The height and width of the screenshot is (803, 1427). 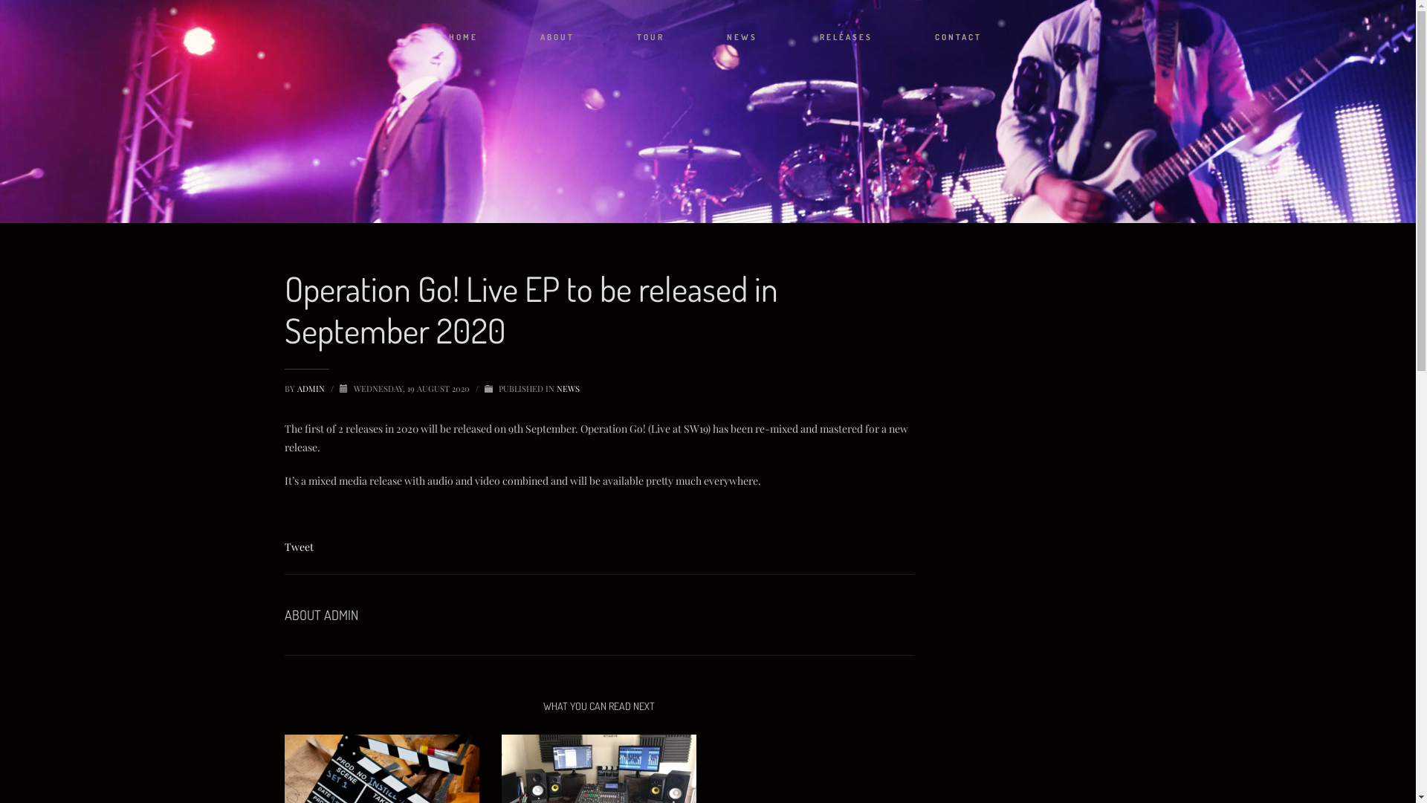 I want to click on 'Tweet', so click(x=284, y=546).